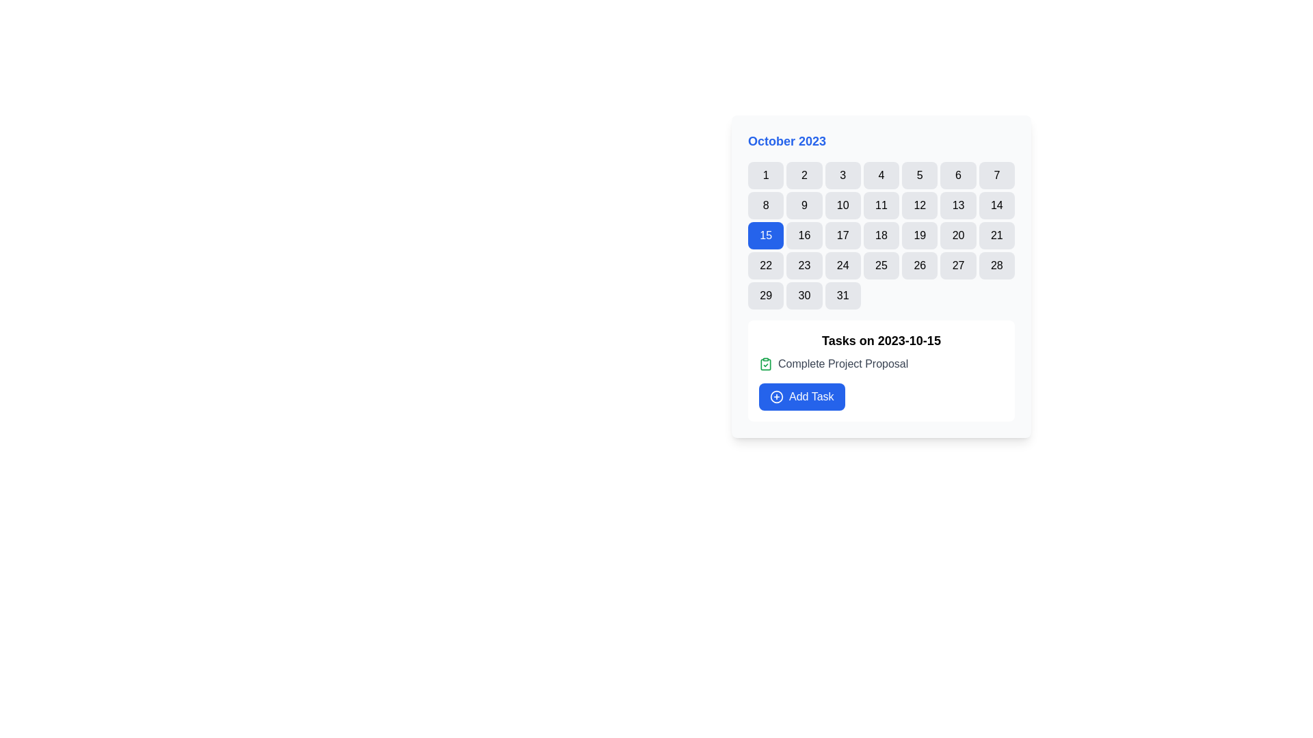 Image resolution: width=1313 pixels, height=738 pixels. Describe the element at coordinates (996, 205) in the screenshot. I see `the button representing the 14th day in the calendar` at that location.